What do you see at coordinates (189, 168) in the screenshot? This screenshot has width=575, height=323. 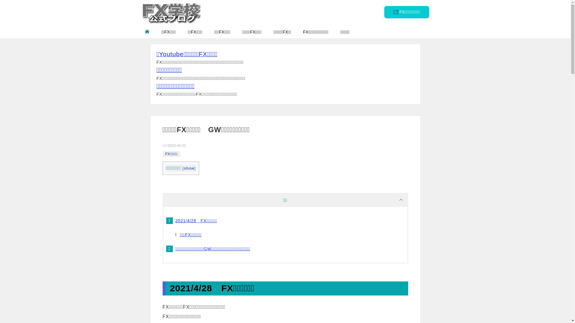 I see `'show'` at bounding box center [189, 168].